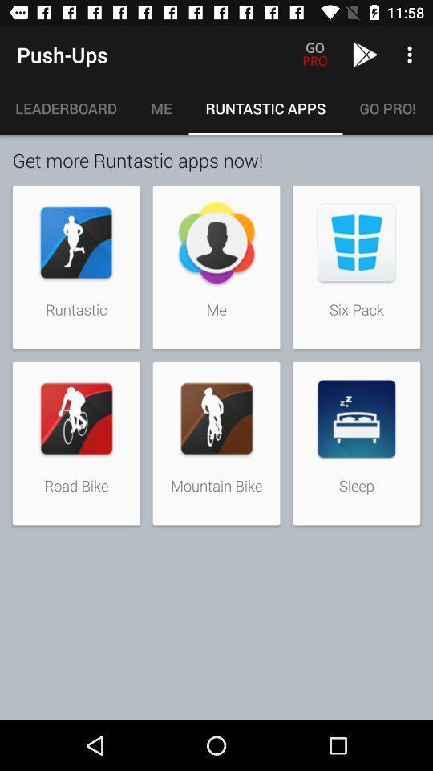  What do you see at coordinates (66, 108) in the screenshot?
I see `item to the left of me` at bounding box center [66, 108].